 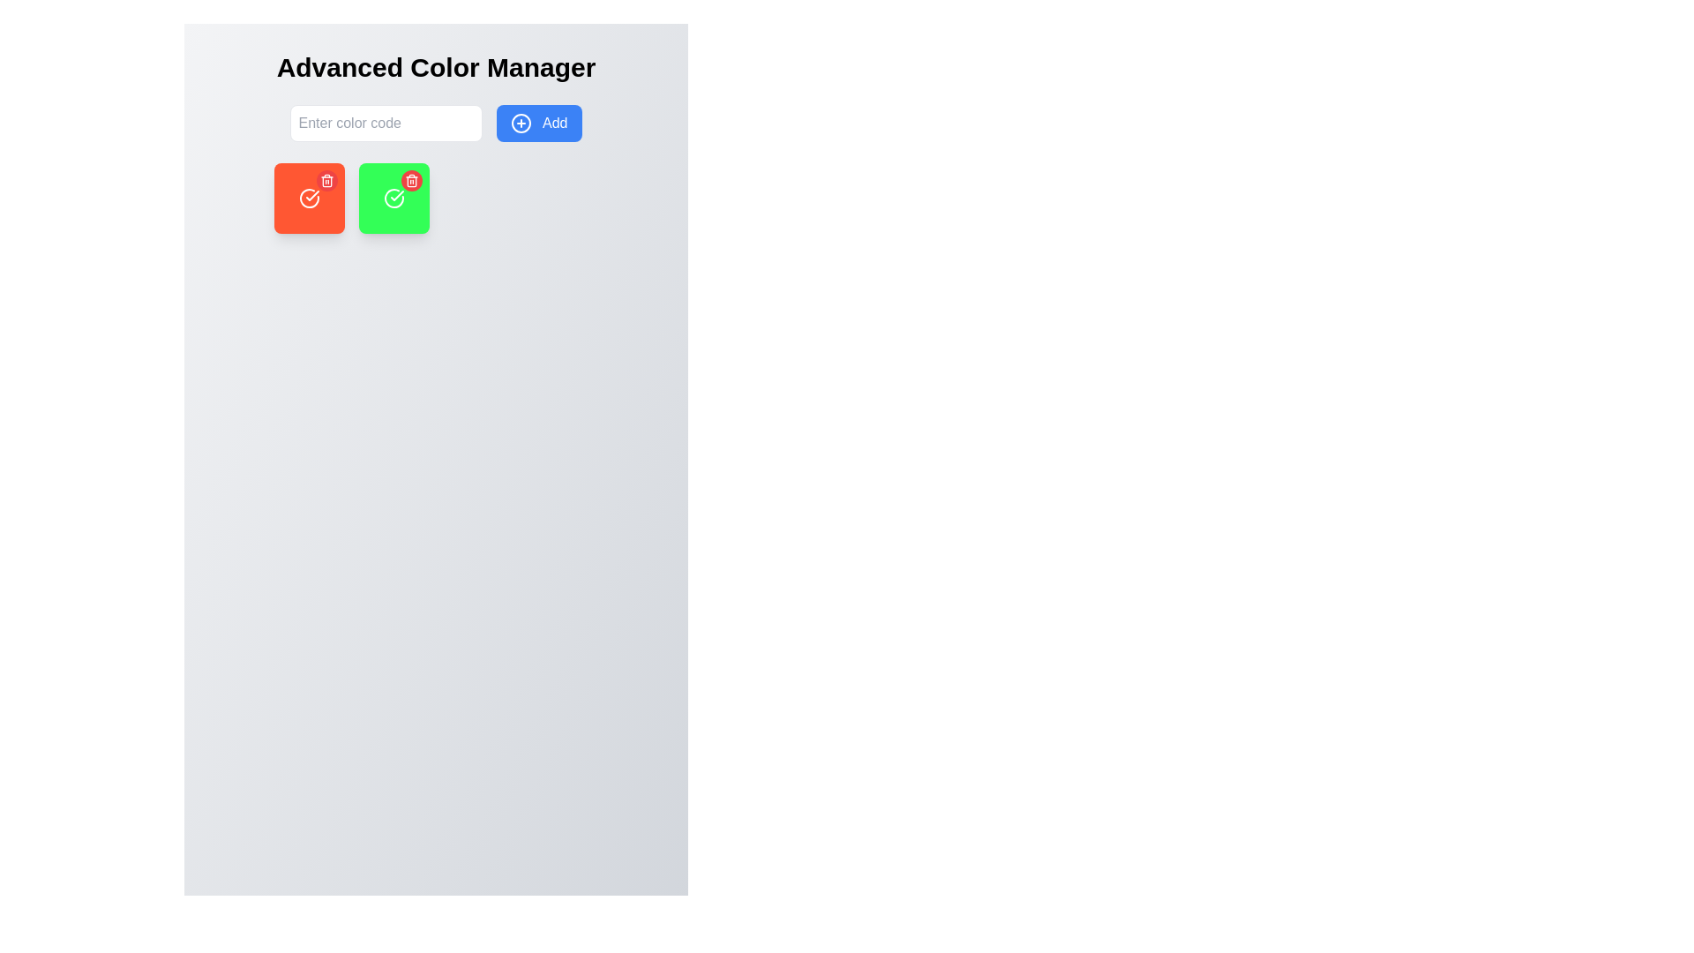 What do you see at coordinates (521, 123) in the screenshot?
I see `the circular icon at the center of the blue 'Add' button located in the upper area of the interface, which enhances its visual appeal` at bounding box center [521, 123].